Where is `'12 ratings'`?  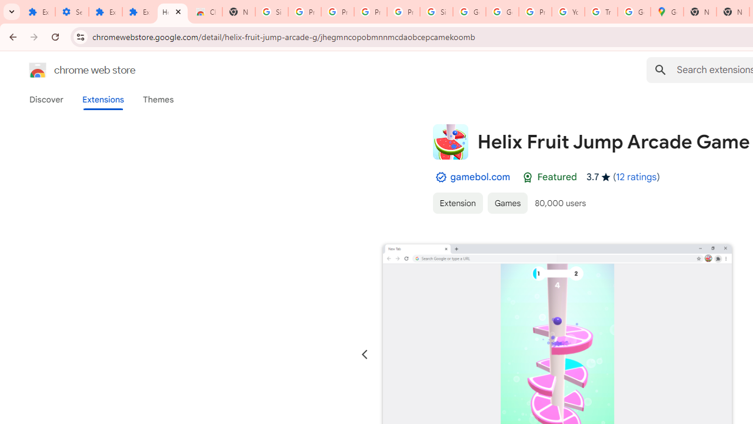 '12 ratings' is located at coordinates (636, 177).